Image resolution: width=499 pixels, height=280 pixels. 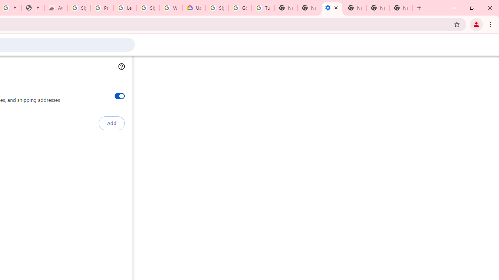 I want to click on 'Who are Google', so click(x=170, y=8).